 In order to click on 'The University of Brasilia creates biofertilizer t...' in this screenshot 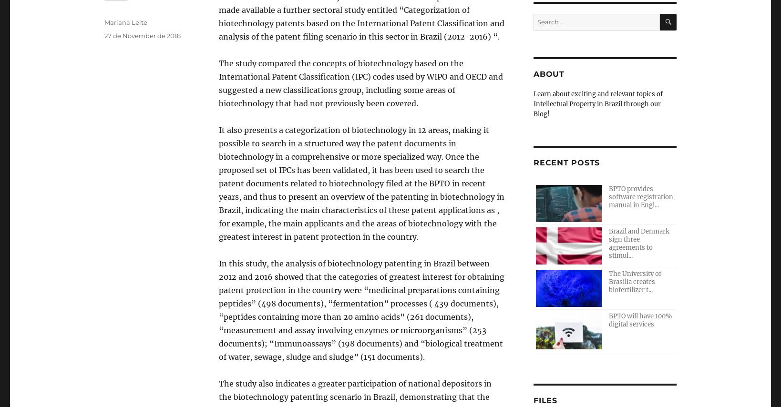, I will do `click(635, 282)`.